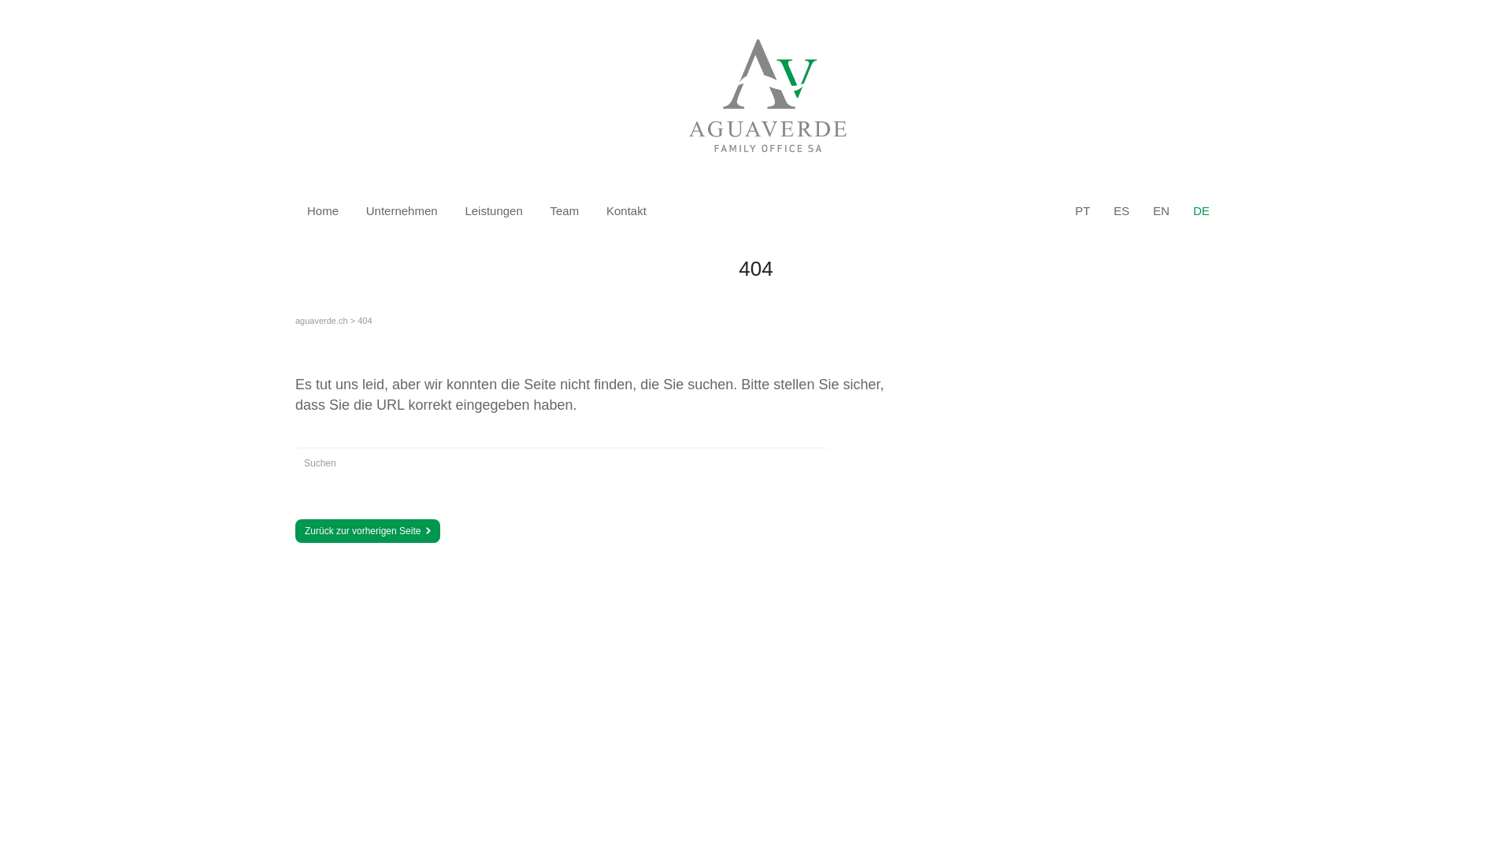  What do you see at coordinates (1161, 210) in the screenshot?
I see `'EN'` at bounding box center [1161, 210].